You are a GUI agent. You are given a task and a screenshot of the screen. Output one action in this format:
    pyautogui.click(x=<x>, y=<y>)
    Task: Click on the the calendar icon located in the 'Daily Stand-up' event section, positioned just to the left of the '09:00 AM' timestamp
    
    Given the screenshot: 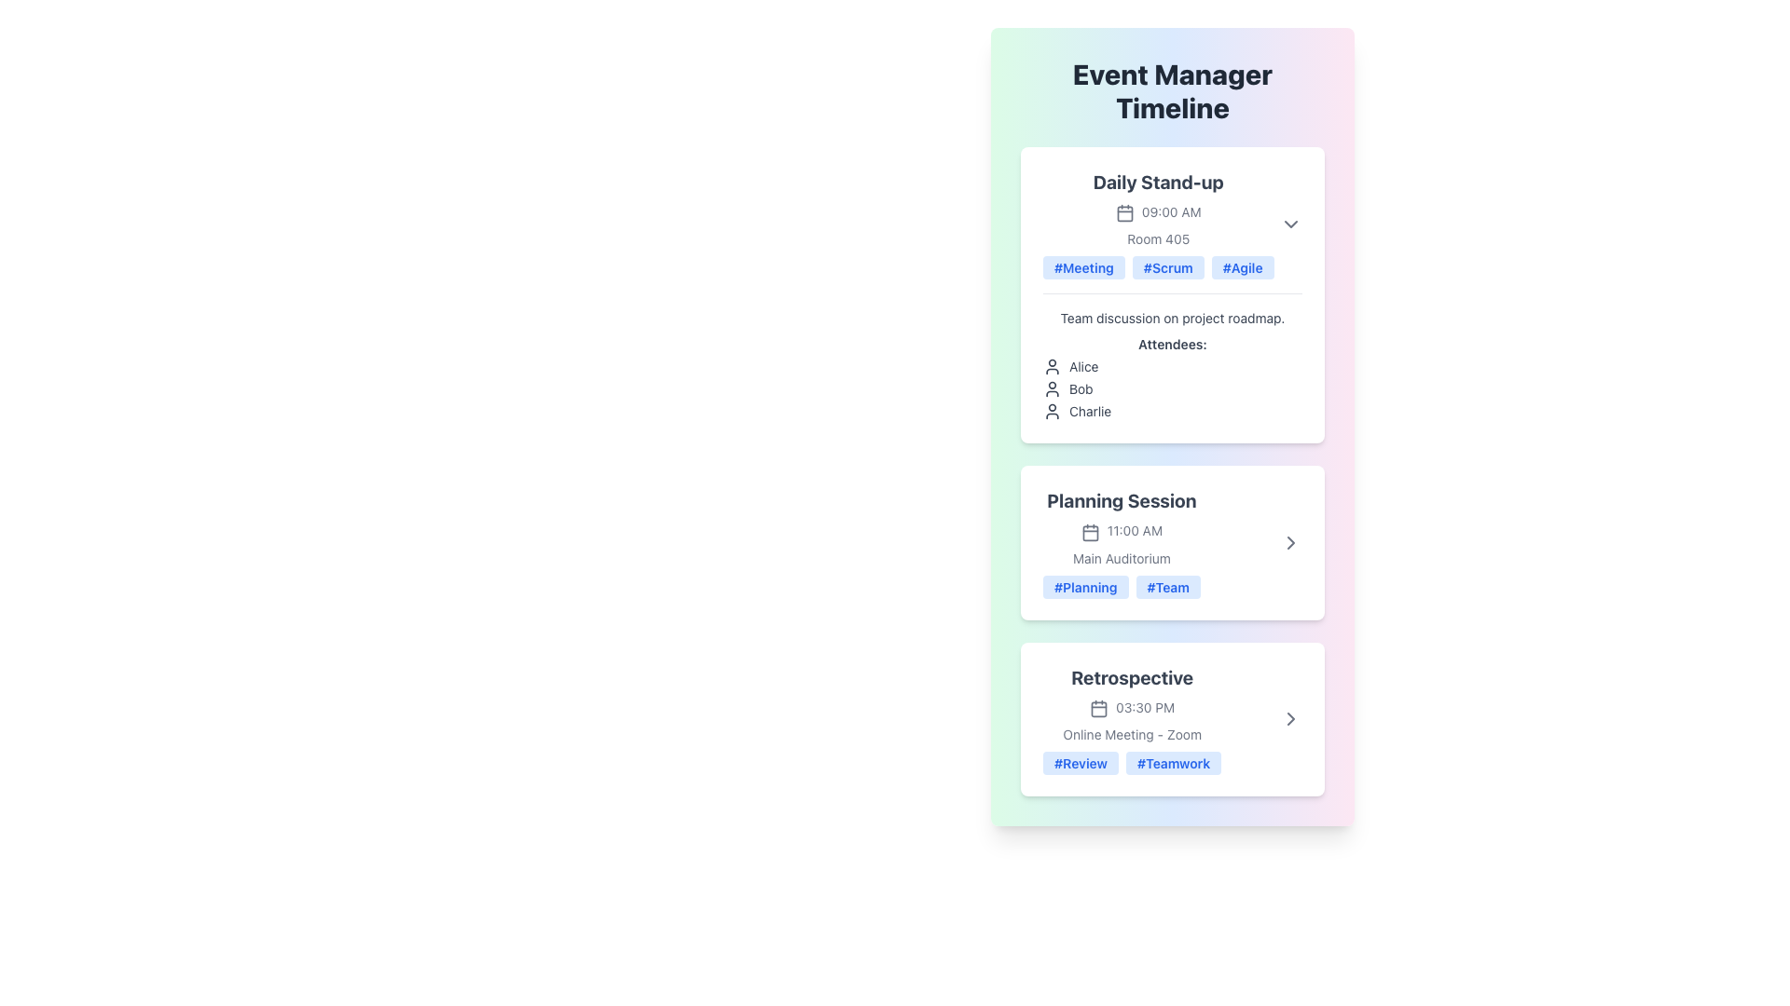 What is the action you would take?
    pyautogui.click(x=1123, y=212)
    